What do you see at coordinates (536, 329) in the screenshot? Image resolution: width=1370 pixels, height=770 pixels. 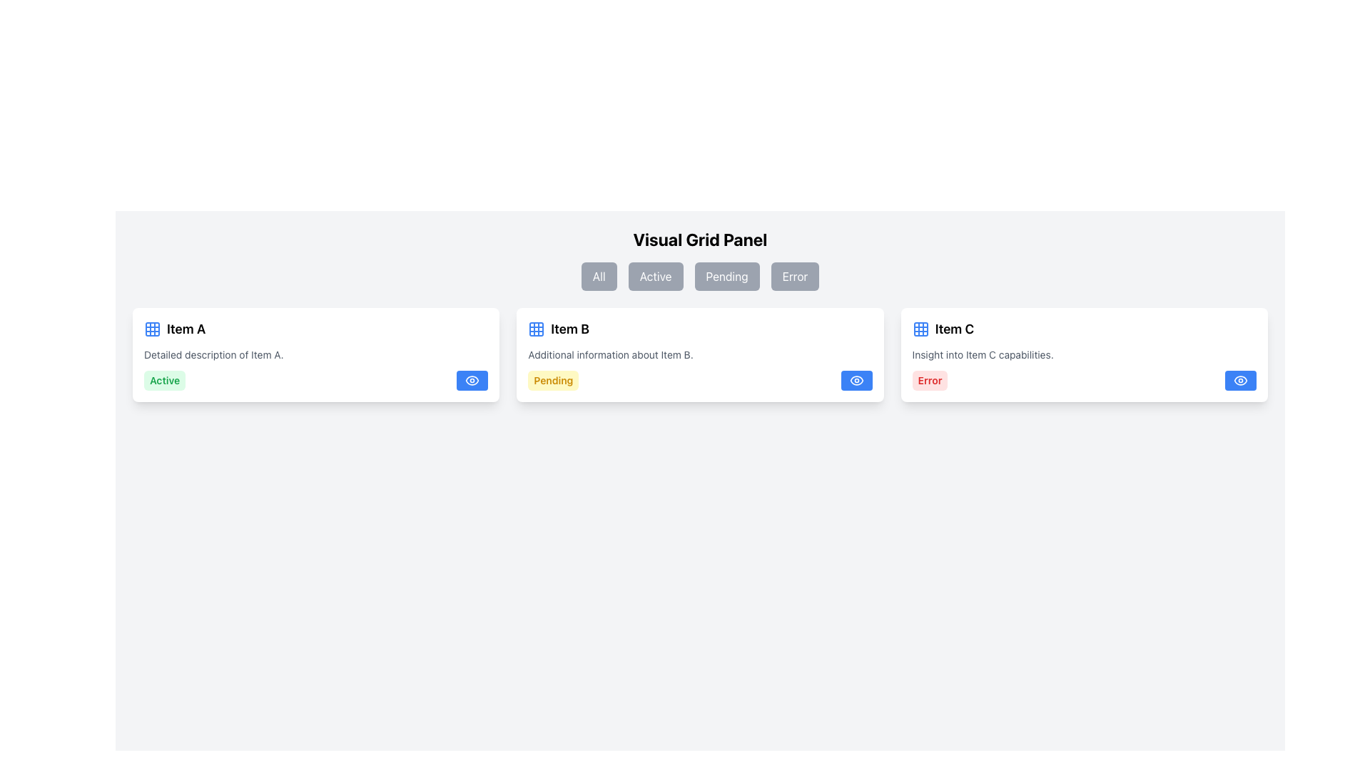 I see `the Icon representing the overview or detailed view option for 'Item B', which is located within the card for 'Item B', positioned second from the left and to the immediate left of the text 'Item B'` at bounding box center [536, 329].